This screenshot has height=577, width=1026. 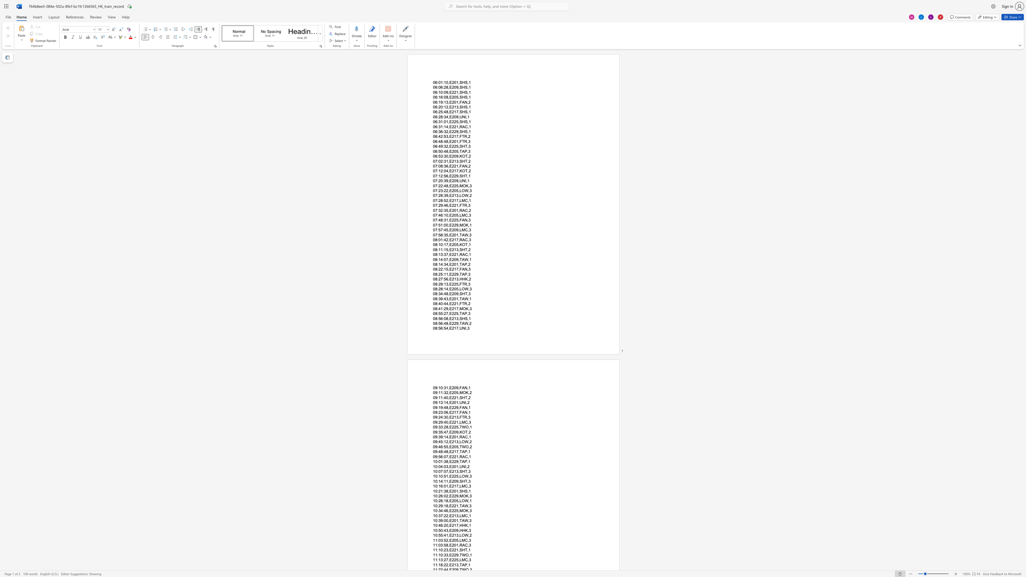 I want to click on the subset text ",E225,TAP,3" within the text "08:55:27,E225,TAP,3", so click(x=448, y=313).